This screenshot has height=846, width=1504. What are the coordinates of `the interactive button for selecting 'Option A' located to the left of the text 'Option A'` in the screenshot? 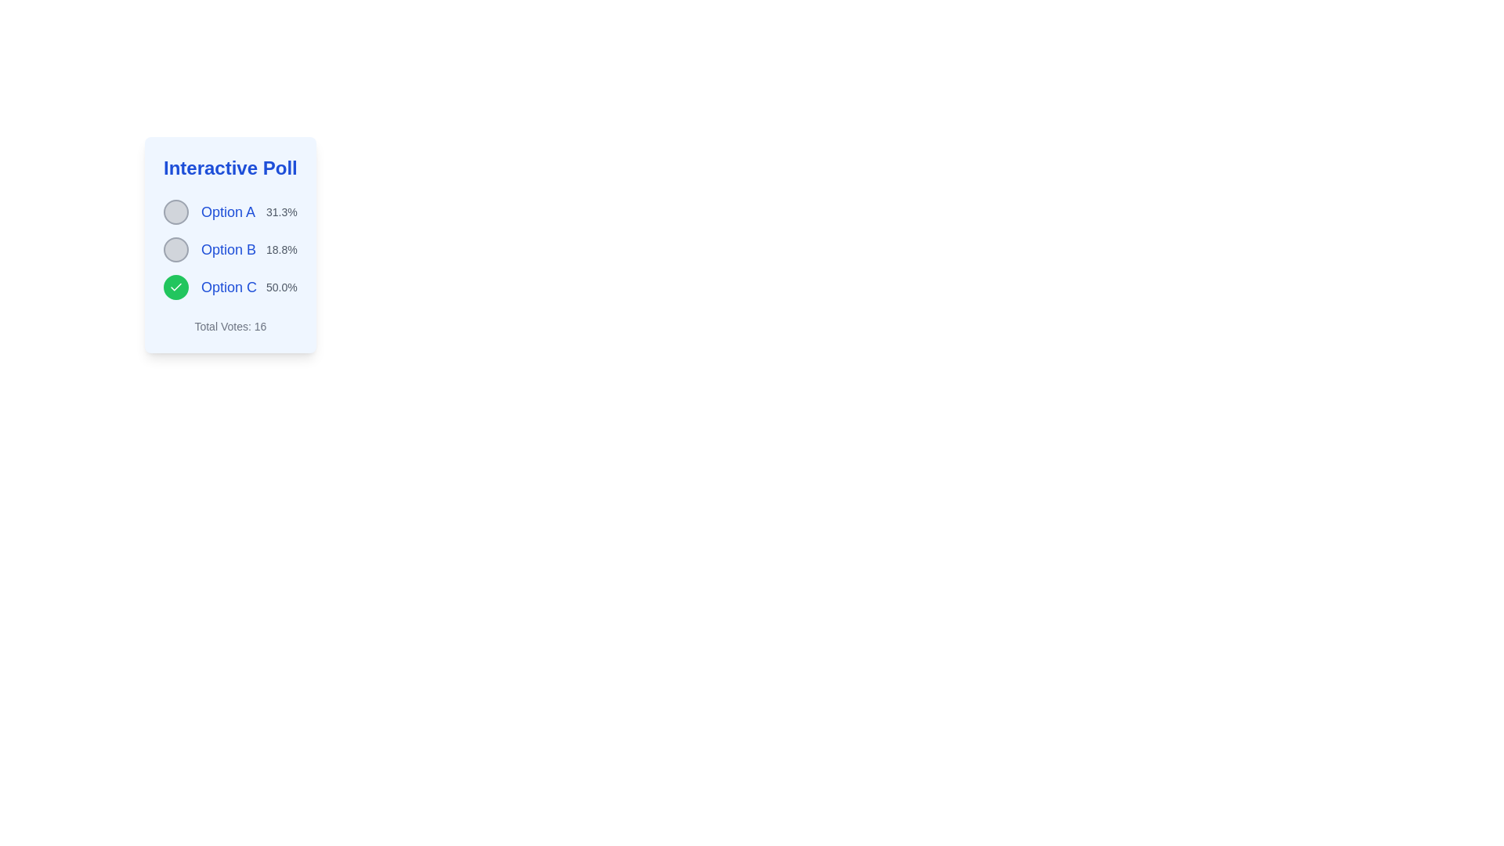 It's located at (176, 211).